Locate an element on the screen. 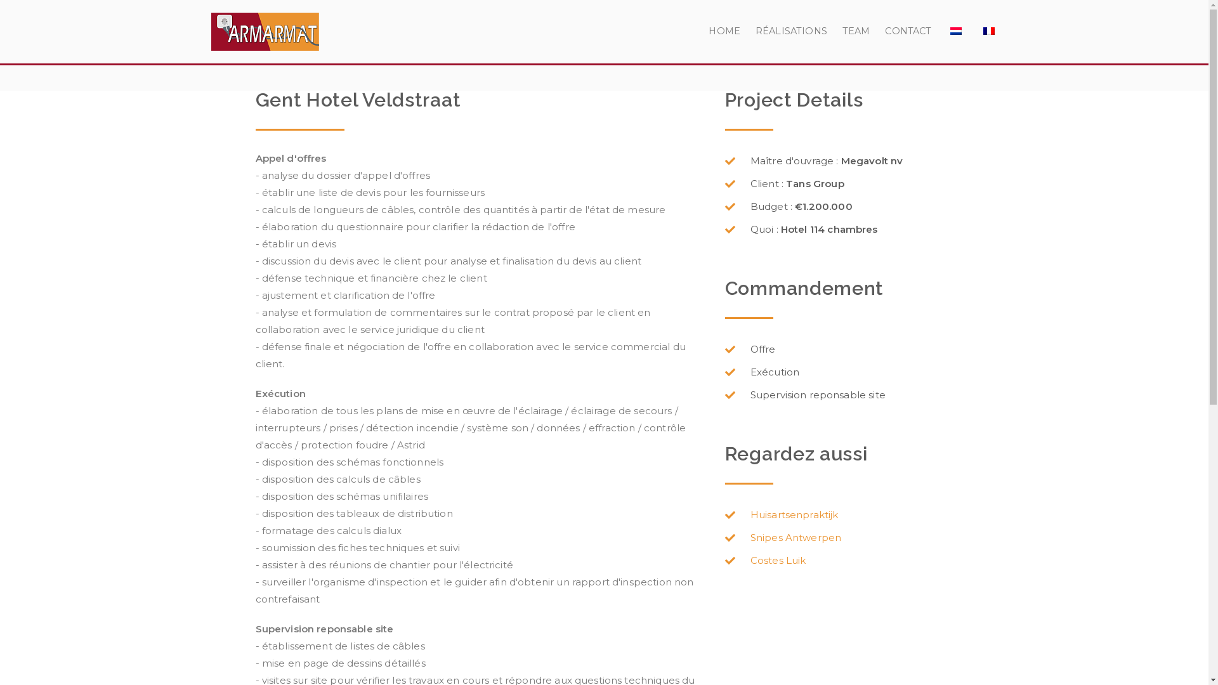 The width and height of the screenshot is (1218, 685). 'Costes Luik' is located at coordinates (846, 559).